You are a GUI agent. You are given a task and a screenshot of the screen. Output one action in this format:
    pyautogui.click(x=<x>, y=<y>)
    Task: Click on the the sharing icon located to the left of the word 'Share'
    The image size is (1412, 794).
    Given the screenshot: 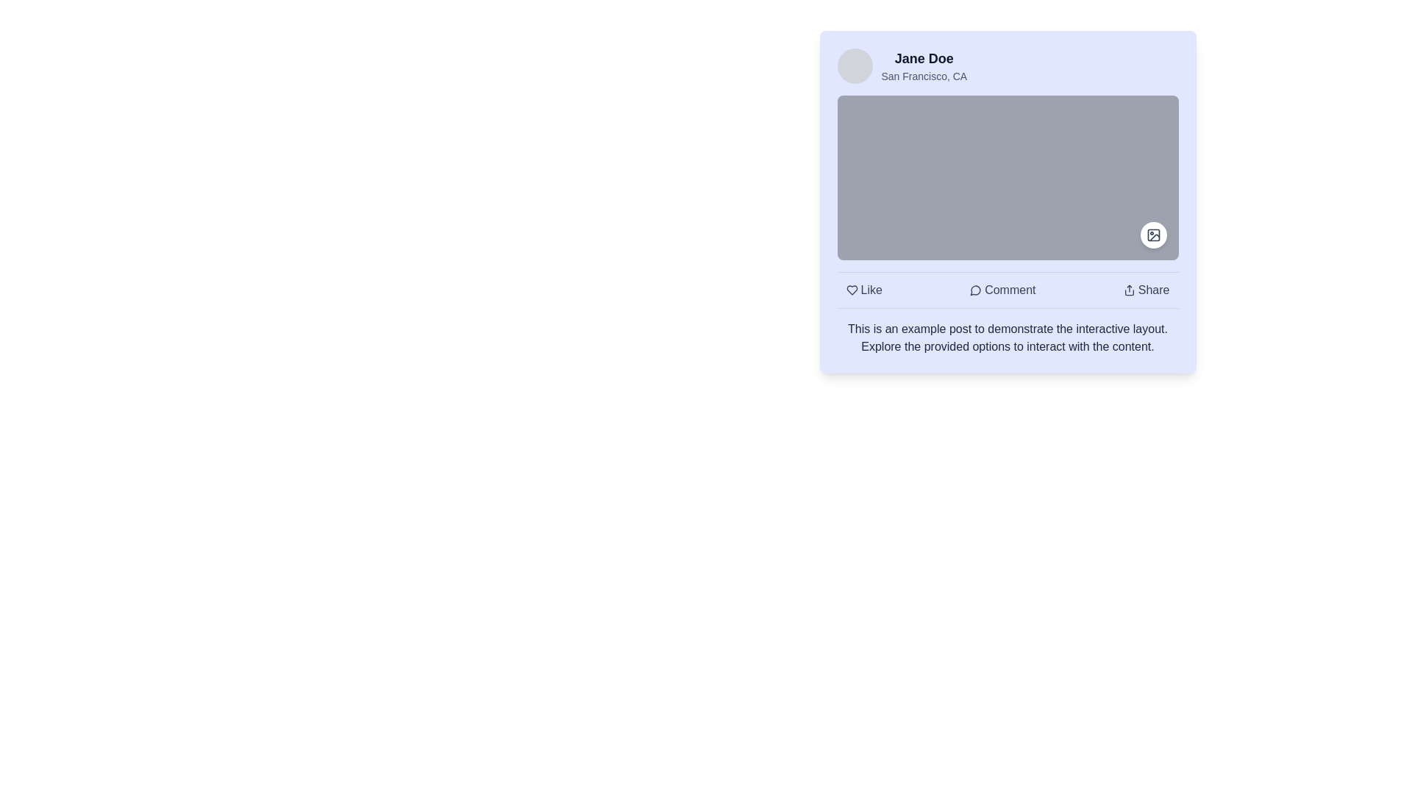 What is the action you would take?
    pyautogui.click(x=1128, y=290)
    